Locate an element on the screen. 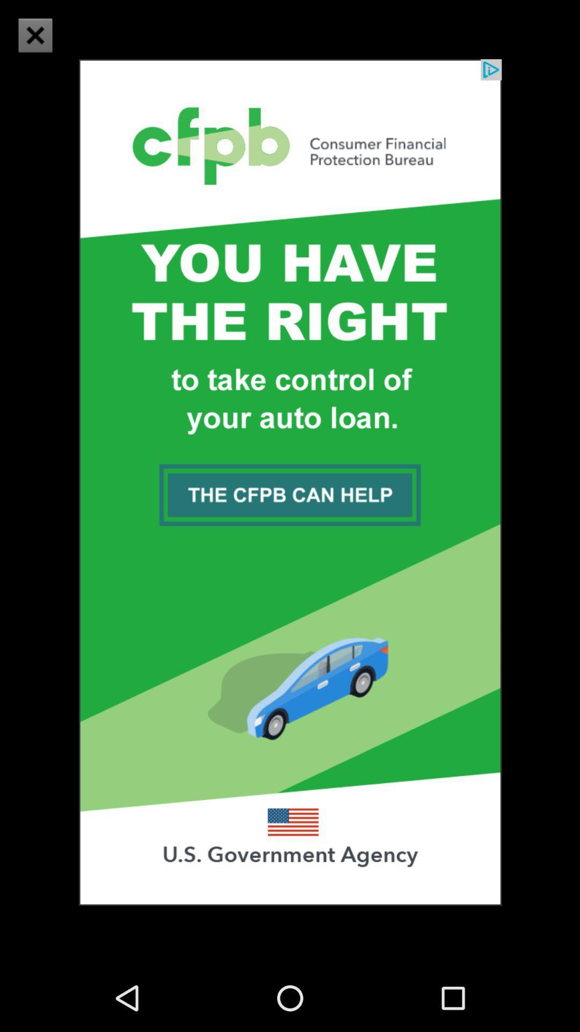 The height and width of the screenshot is (1032, 580). the close icon is located at coordinates (34, 38).